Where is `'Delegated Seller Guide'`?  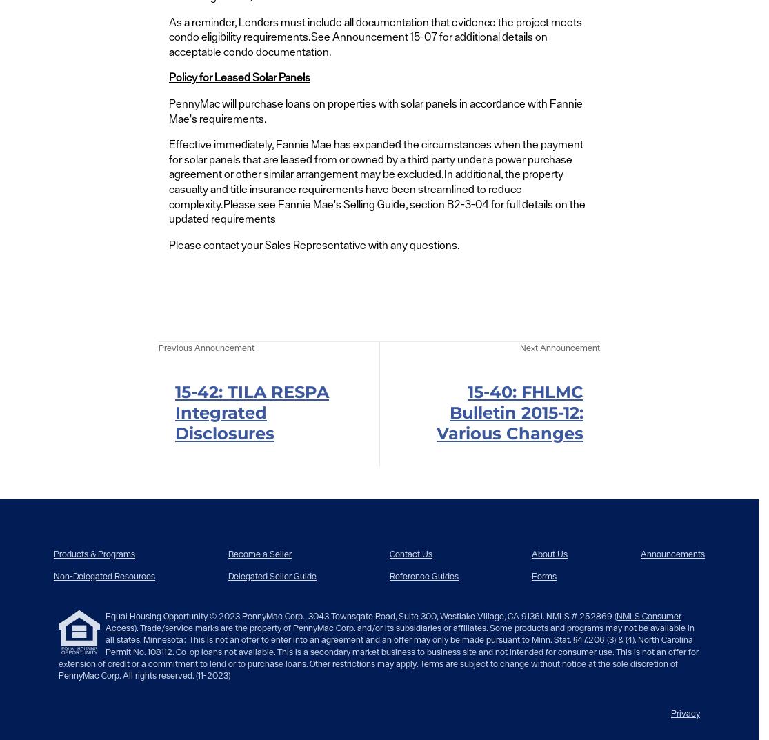 'Delegated Seller Guide' is located at coordinates (272, 575).